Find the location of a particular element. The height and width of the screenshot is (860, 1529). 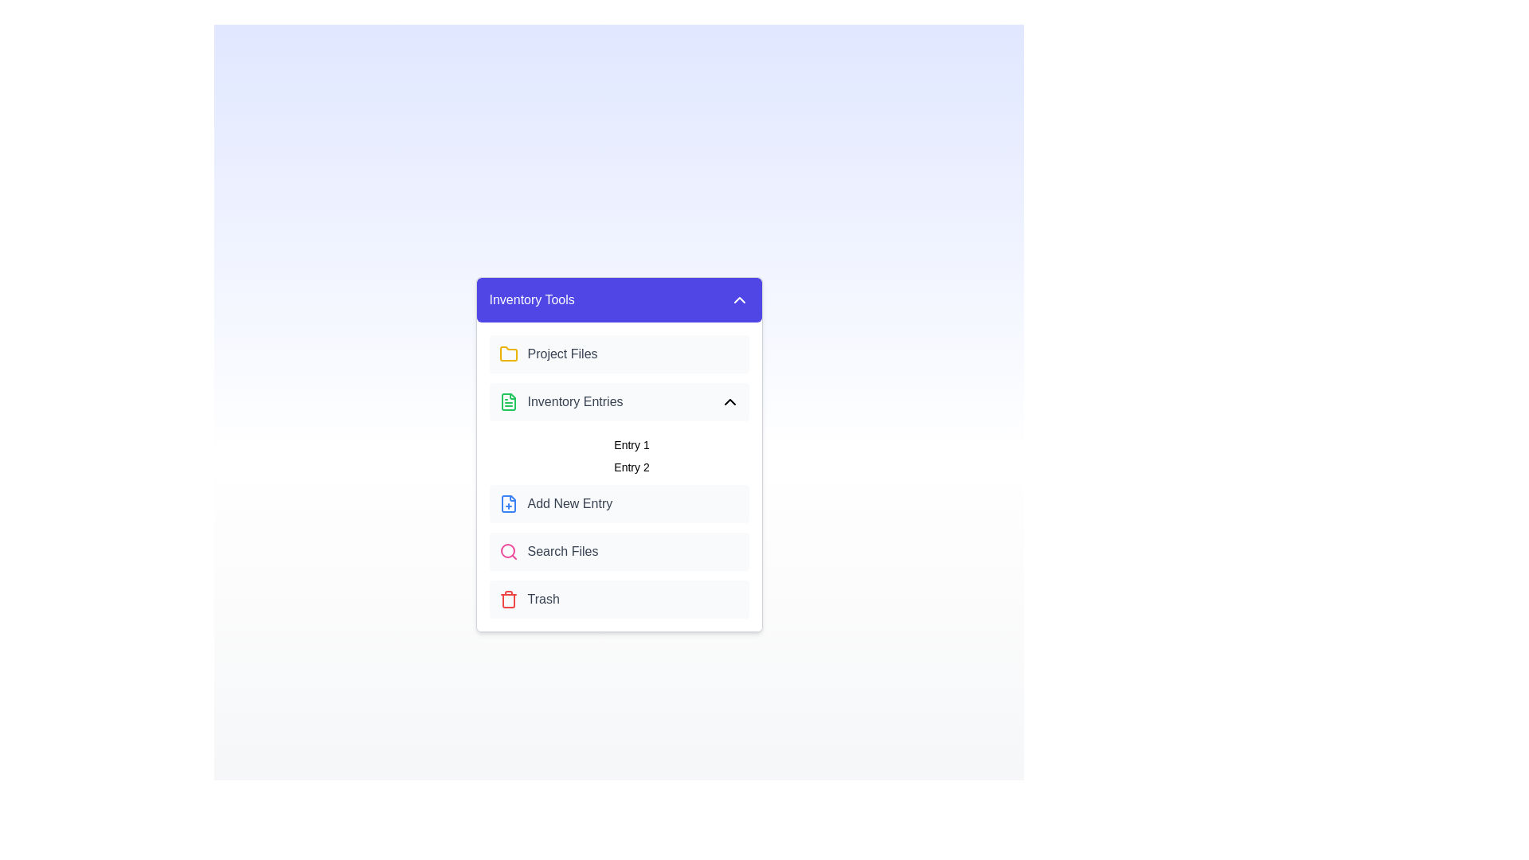

the label representing 'Inventory Entries' is located at coordinates (573, 401).